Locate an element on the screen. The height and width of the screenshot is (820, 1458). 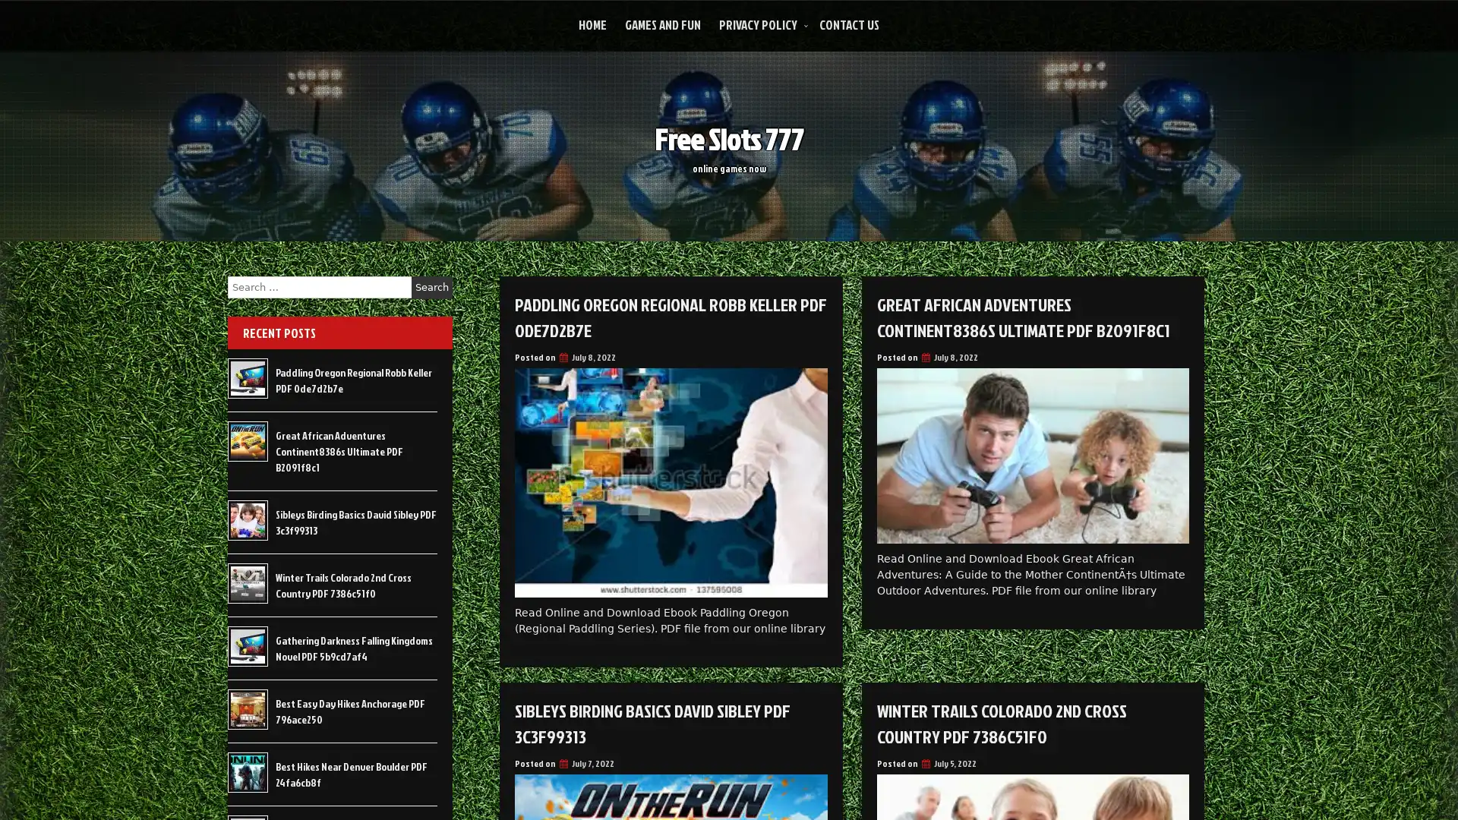
Search is located at coordinates (431, 287).